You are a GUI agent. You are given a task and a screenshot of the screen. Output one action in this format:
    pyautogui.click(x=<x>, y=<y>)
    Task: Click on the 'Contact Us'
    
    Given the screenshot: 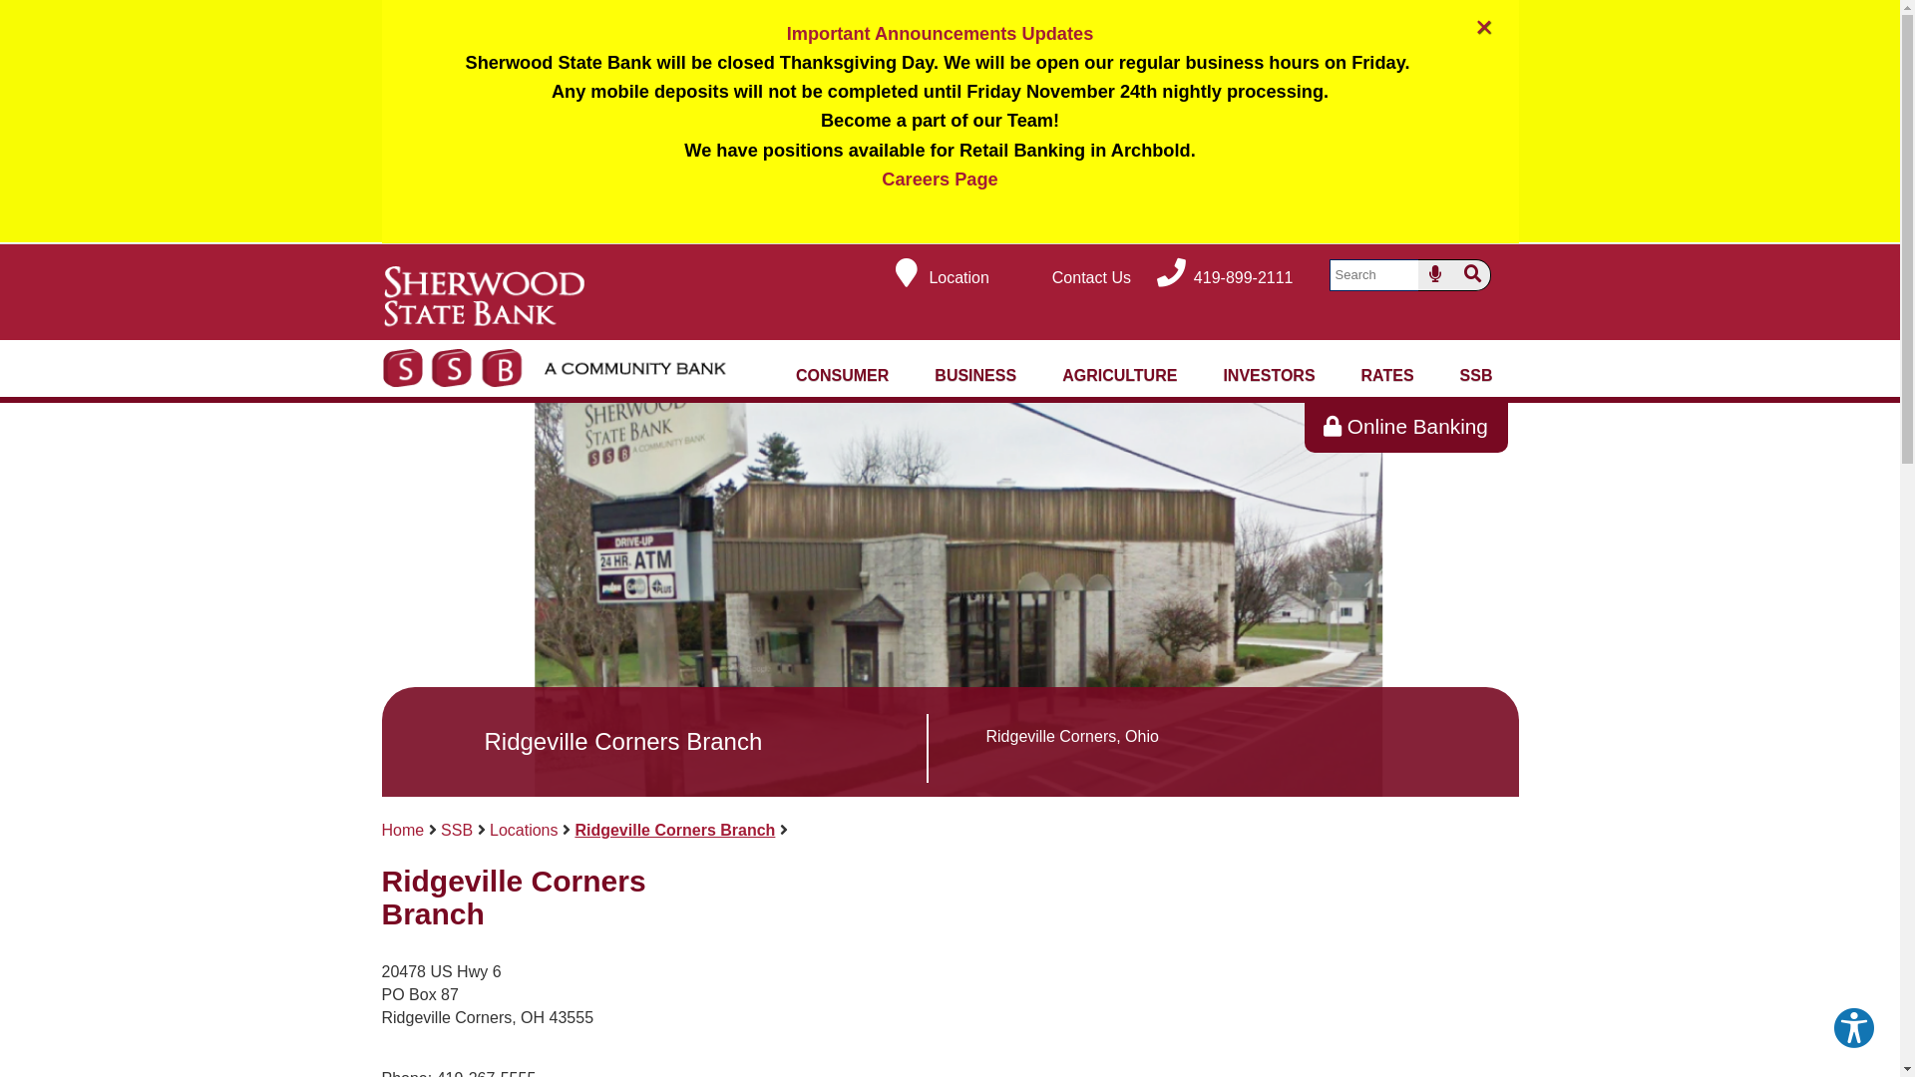 What is the action you would take?
    pyautogui.click(x=1070, y=277)
    